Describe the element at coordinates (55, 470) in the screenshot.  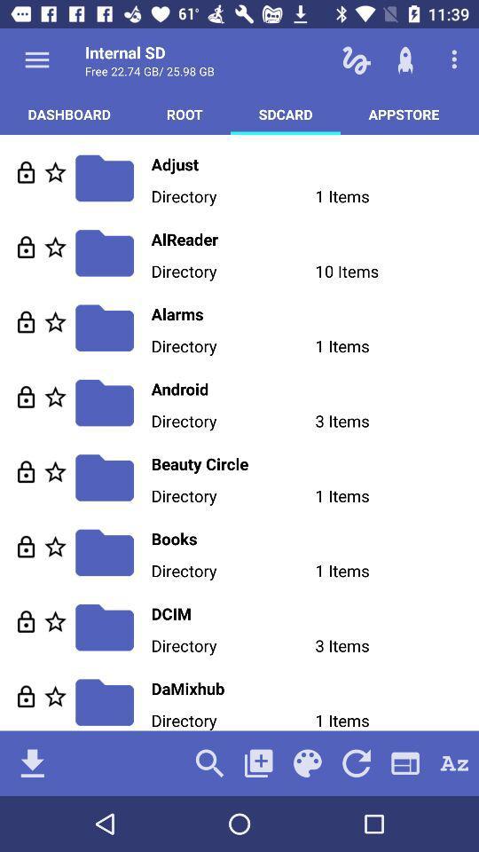
I see `make the content as favourite` at that location.